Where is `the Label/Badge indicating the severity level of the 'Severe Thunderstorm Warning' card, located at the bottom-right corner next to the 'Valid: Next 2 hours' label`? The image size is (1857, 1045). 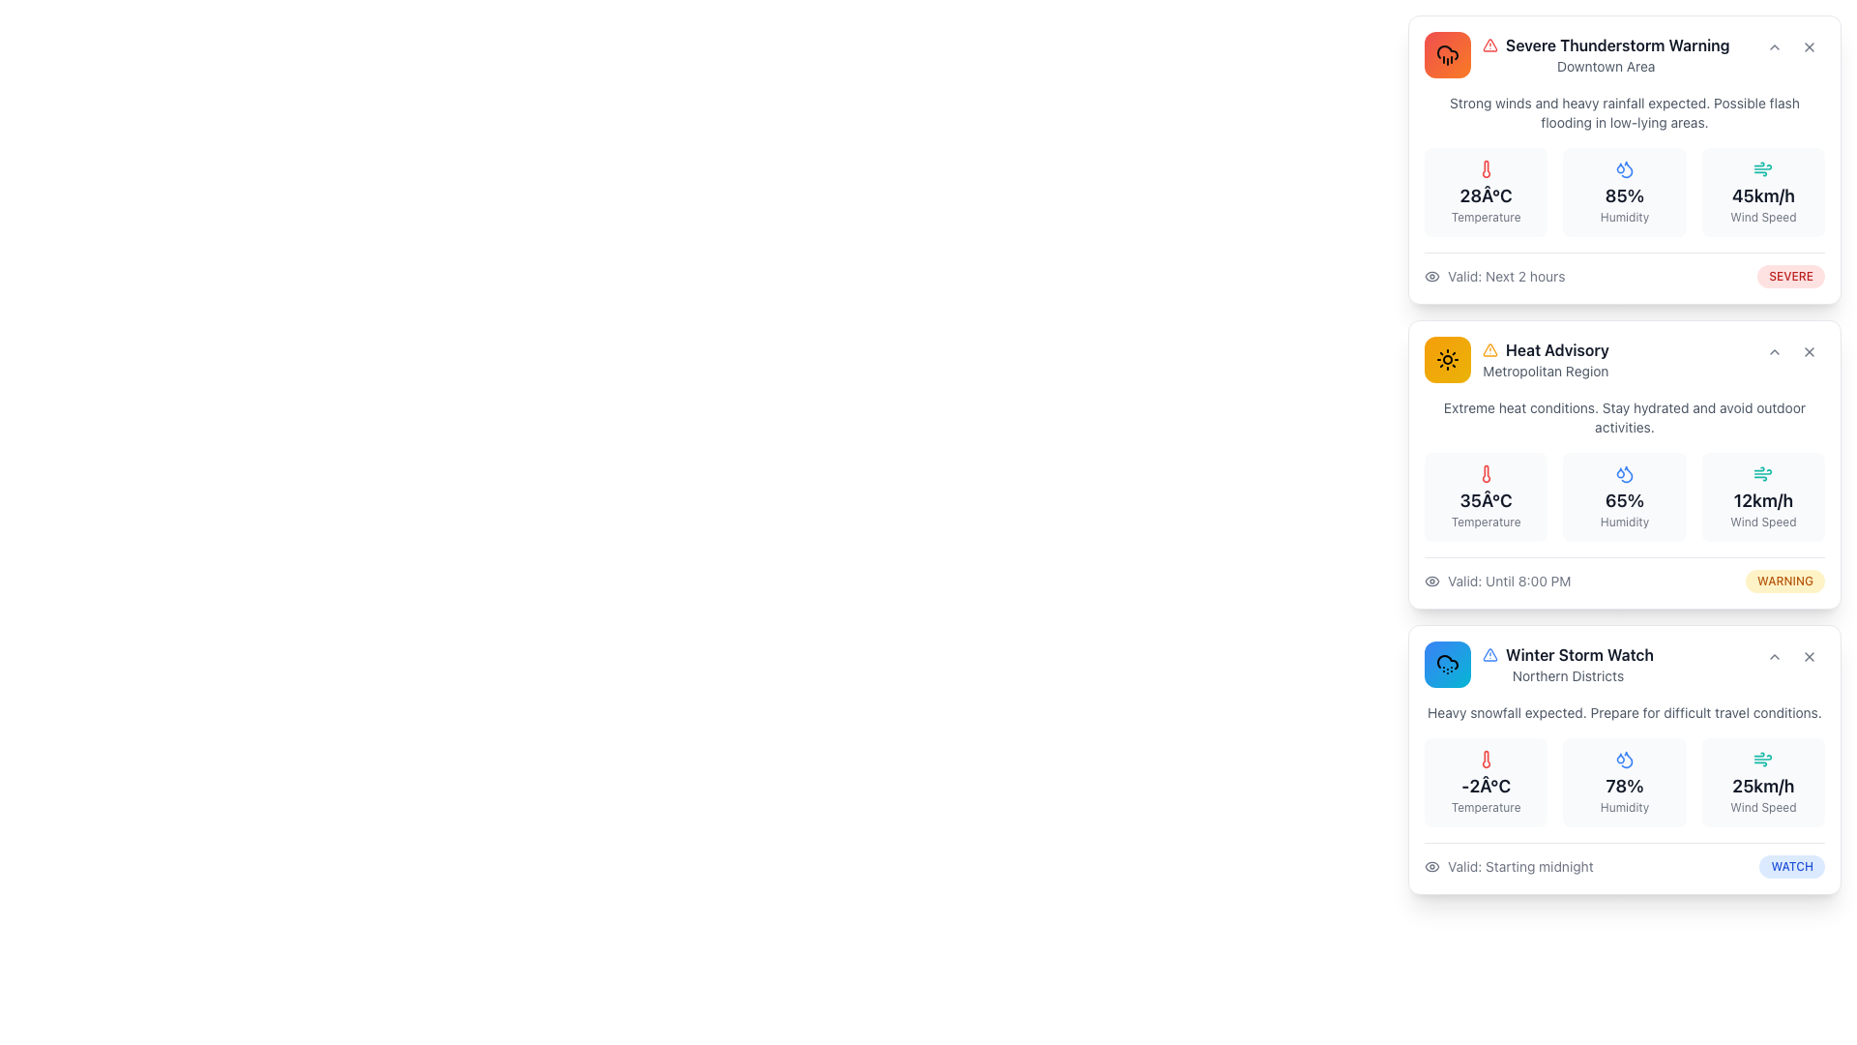 the Label/Badge indicating the severity level of the 'Severe Thunderstorm Warning' card, located at the bottom-right corner next to the 'Valid: Next 2 hours' label is located at coordinates (1790, 276).